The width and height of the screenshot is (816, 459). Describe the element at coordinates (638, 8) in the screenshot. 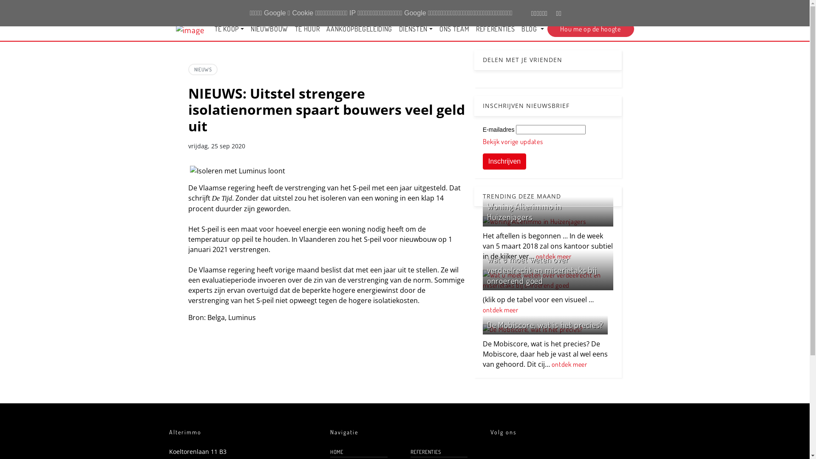

I see `' '` at that location.